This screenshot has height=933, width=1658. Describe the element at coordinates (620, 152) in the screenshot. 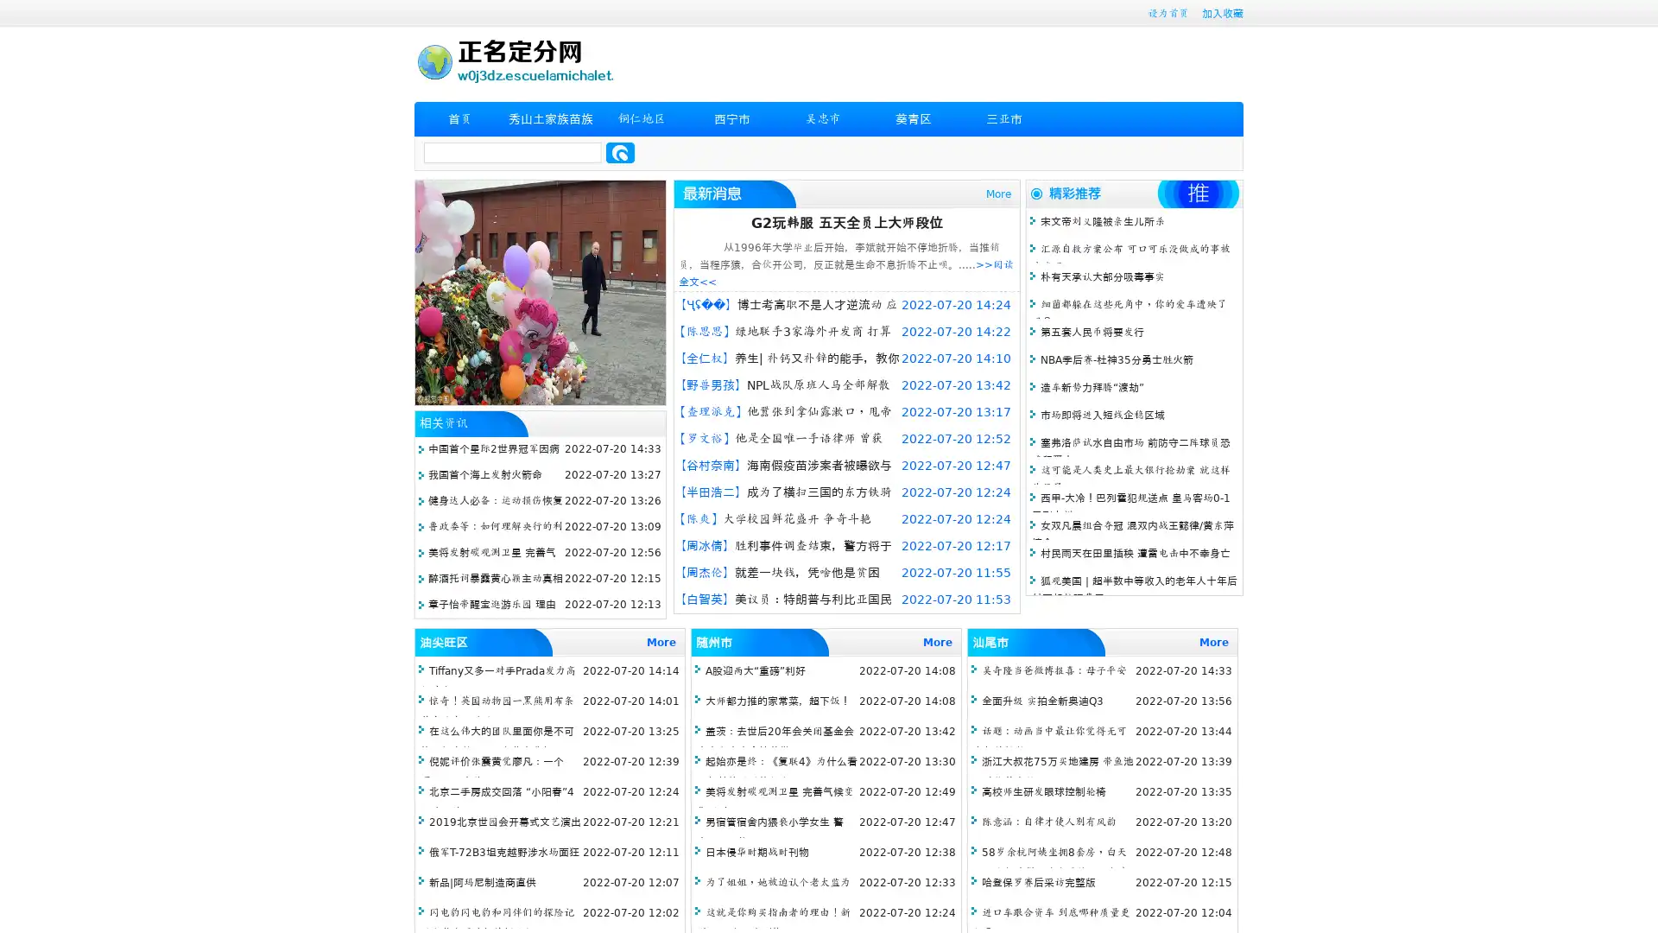

I see `Search` at that location.